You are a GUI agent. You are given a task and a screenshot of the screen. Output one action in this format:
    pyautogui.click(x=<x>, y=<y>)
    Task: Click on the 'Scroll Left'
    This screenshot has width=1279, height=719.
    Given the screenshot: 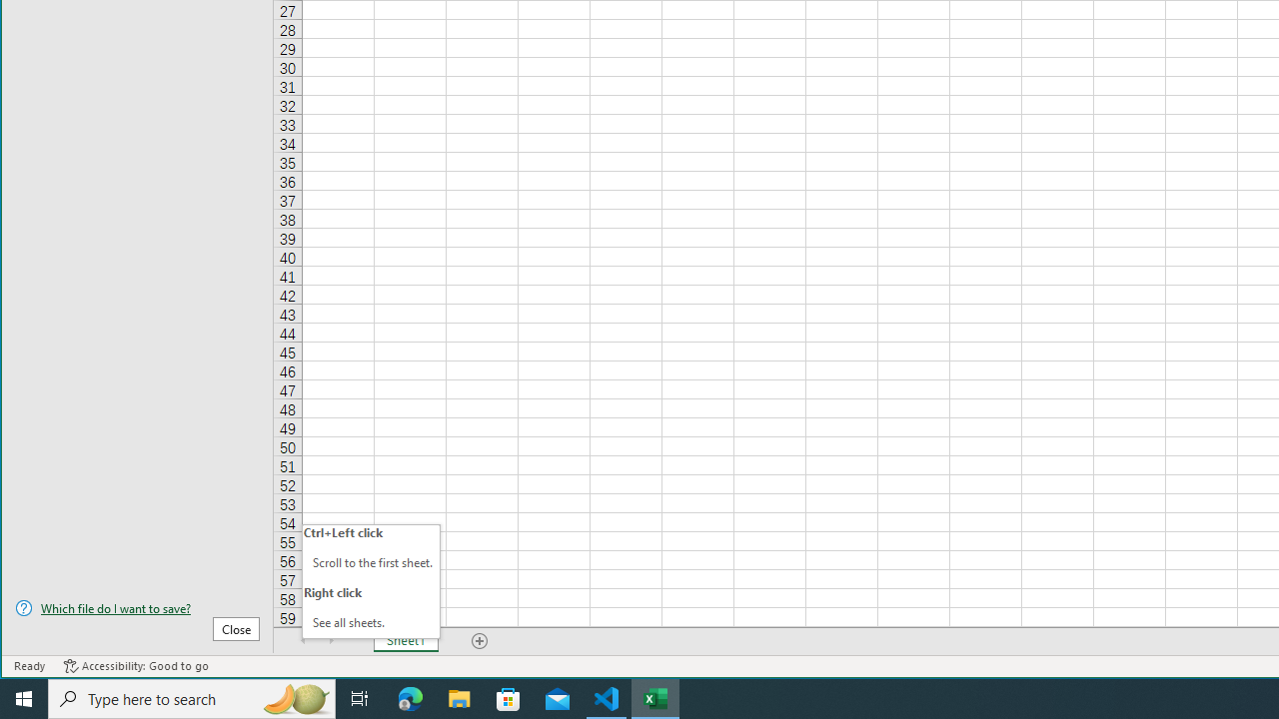 What is the action you would take?
    pyautogui.click(x=303, y=640)
    